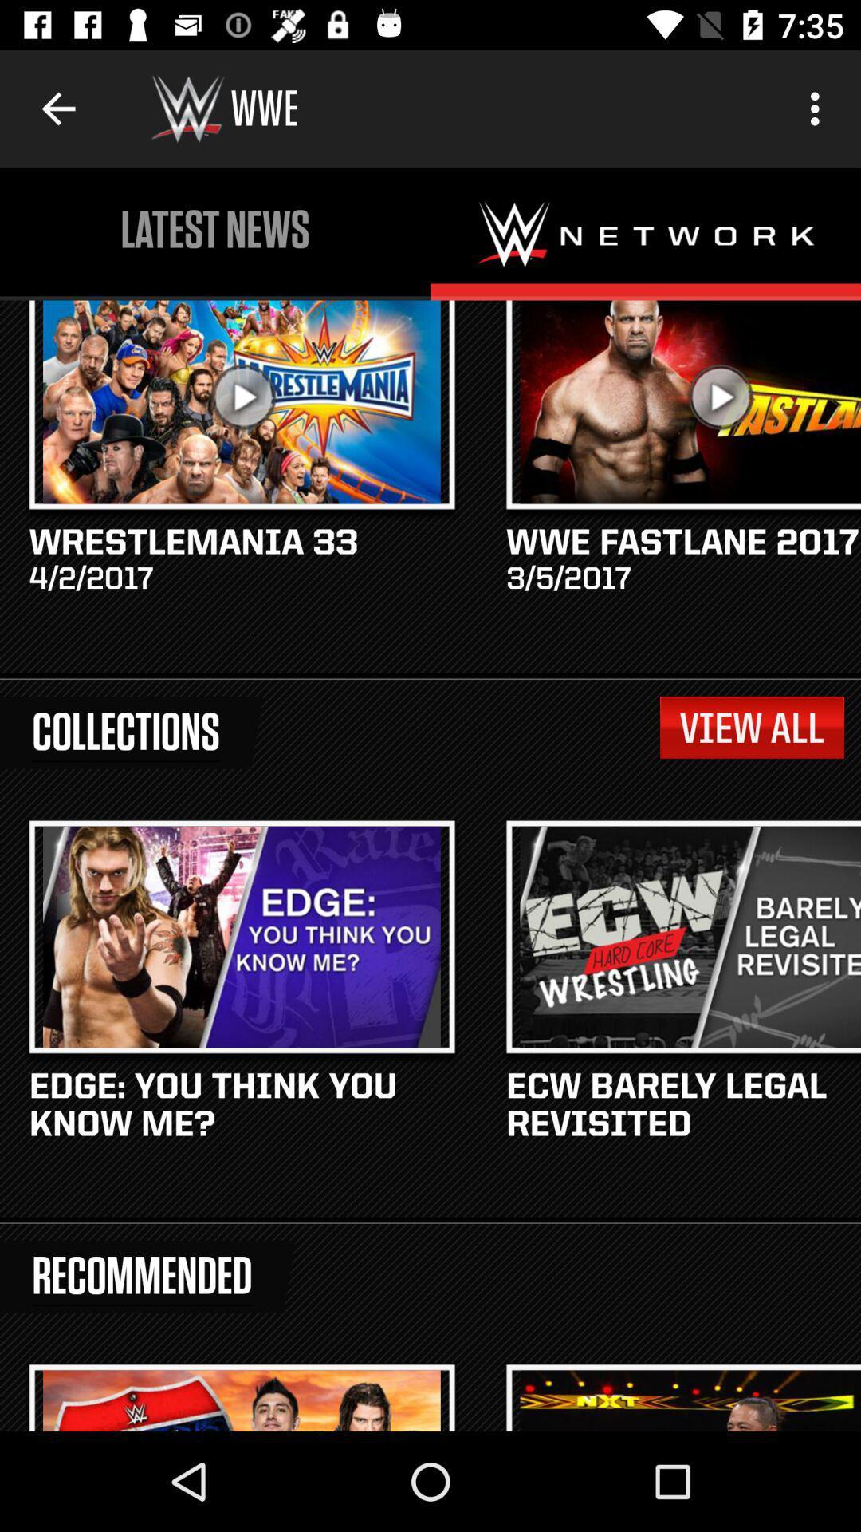  Describe the element at coordinates (752, 727) in the screenshot. I see `icon to the right of collections item` at that location.